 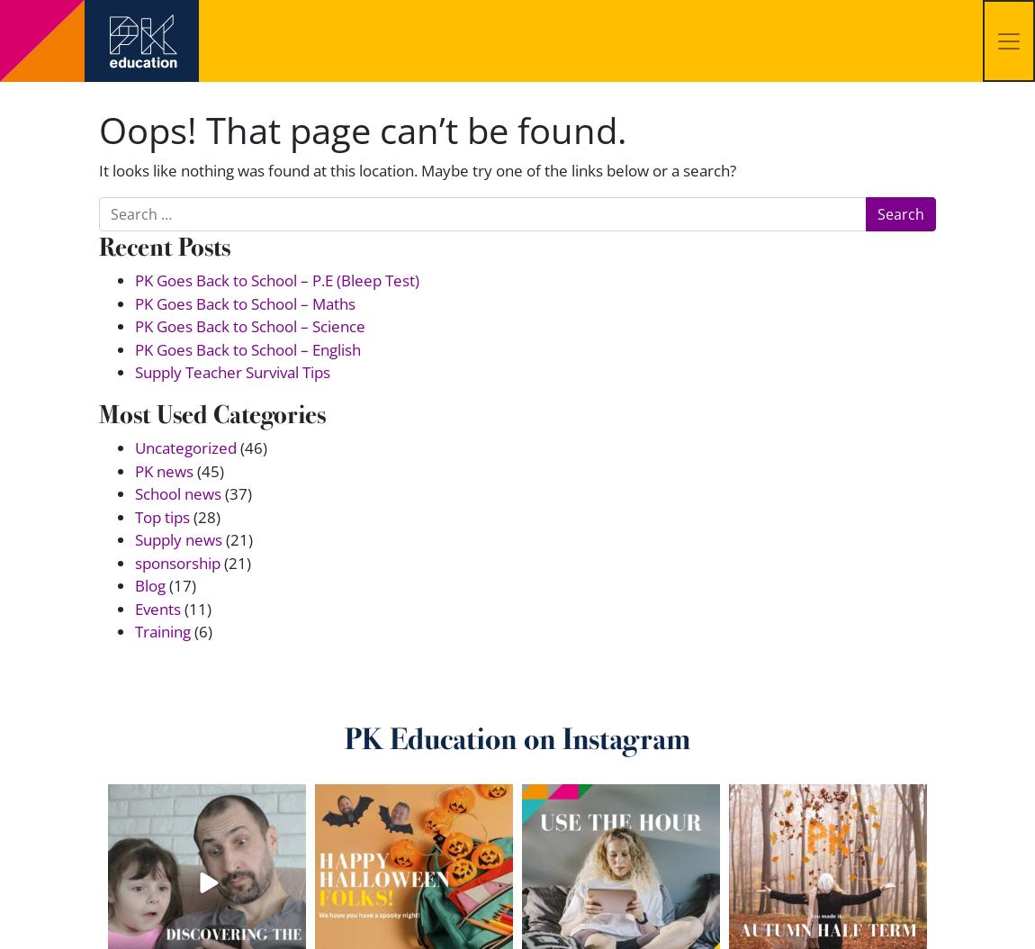 What do you see at coordinates (184, 447) in the screenshot?
I see `'Uncategorized'` at bounding box center [184, 447].